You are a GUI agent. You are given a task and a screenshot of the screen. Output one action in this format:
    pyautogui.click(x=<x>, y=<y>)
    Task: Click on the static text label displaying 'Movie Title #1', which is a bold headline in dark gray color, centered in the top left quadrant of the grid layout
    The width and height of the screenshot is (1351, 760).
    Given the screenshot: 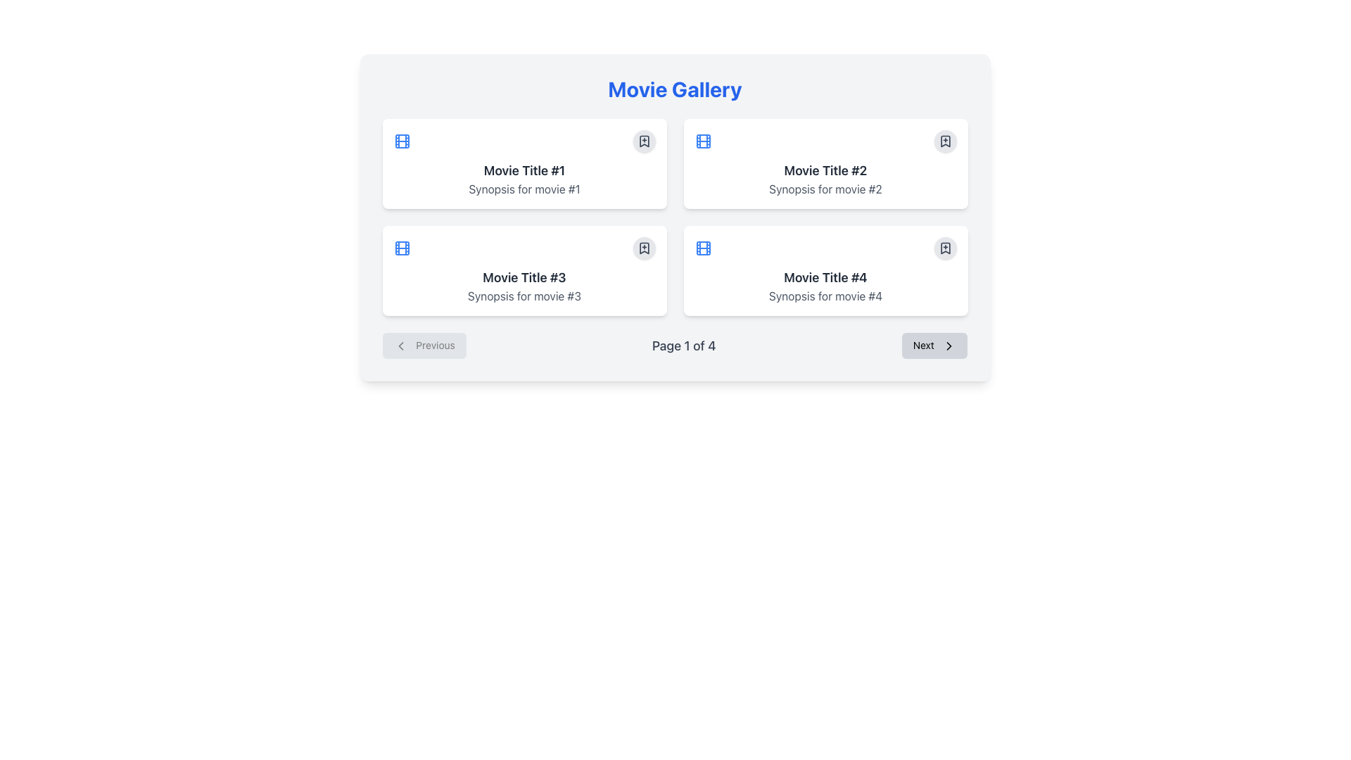 What is the action you would take?
    pyautogui.click(x=524, y=170)
    